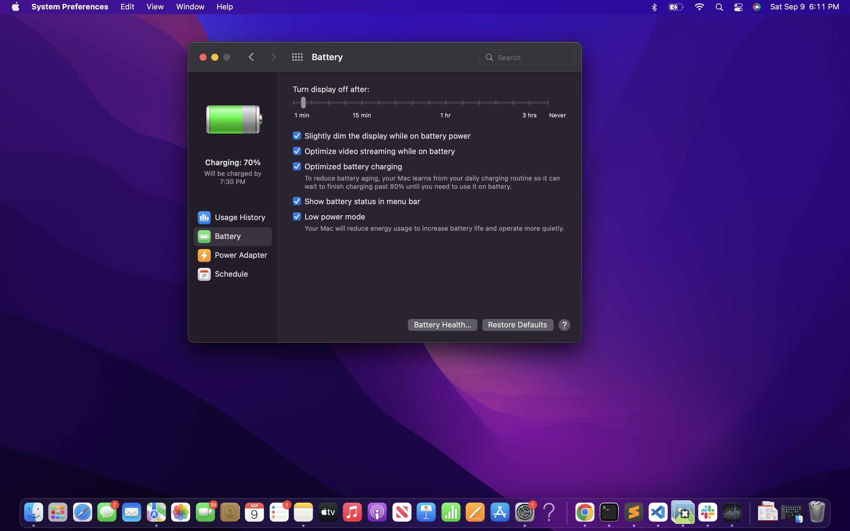 This screenshot has height=531, width=850. What do you see at coordinates (374, 150) in the screenshot?
I see `Boost video streaming quality when running on battery power` at bounding box center [374, 150].